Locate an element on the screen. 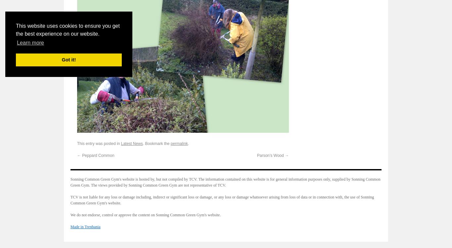 This screenshot has height=248, width=452. '.' is located at coordinates (188, 143).